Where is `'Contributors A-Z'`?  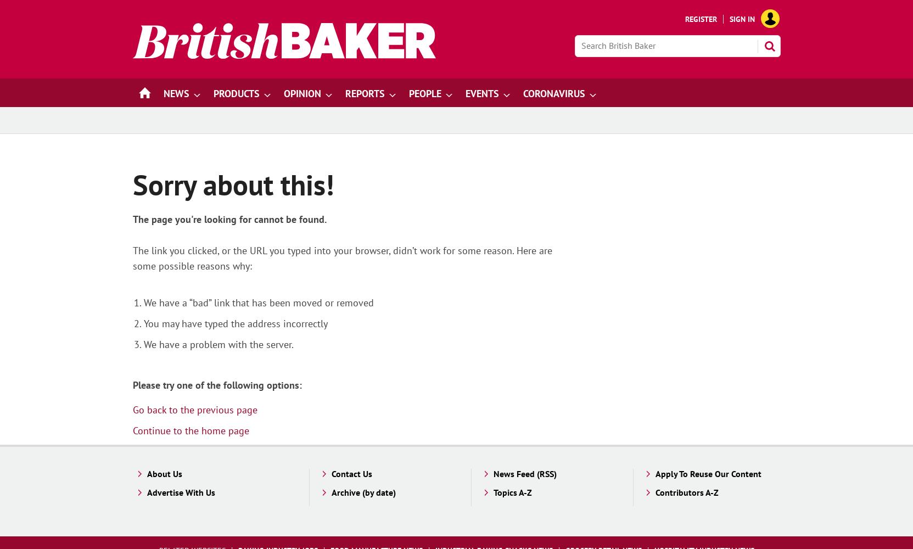 'Contributors A-Z' is located at coordinates (686, 492).